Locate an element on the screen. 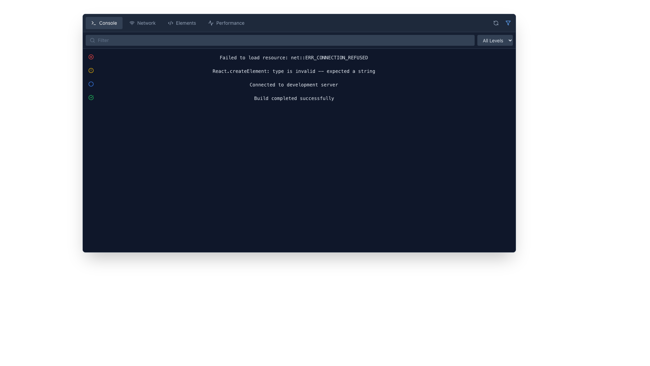 This screenshot has height=366, width=650. the XML code icon located is located at coordinates (170, 23).